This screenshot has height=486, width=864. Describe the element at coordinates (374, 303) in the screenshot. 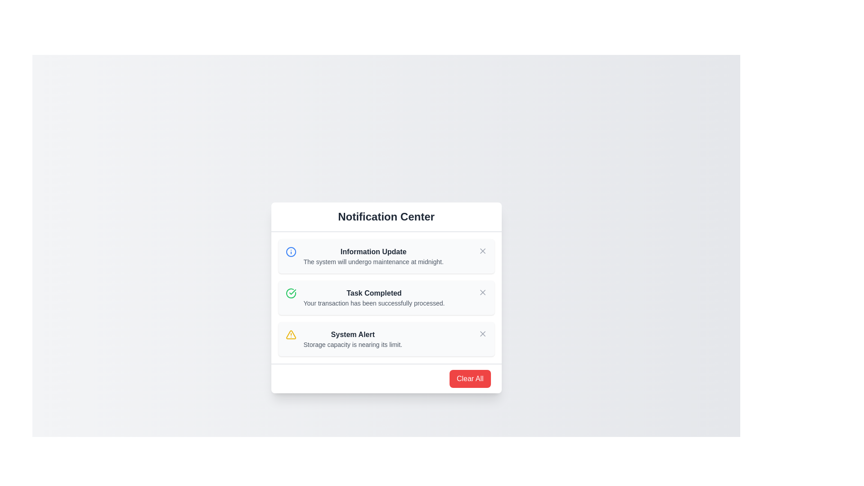

I see `the informational Text label that presents a confirmation message about the successful completion of a transaction, located within the 'Task Completed' card in the Notifications list` at that location.